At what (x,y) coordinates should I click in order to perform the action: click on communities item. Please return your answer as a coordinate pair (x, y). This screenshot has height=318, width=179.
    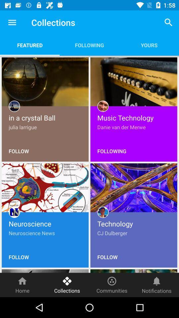
    Looking at the image, I should click on (112, 285).